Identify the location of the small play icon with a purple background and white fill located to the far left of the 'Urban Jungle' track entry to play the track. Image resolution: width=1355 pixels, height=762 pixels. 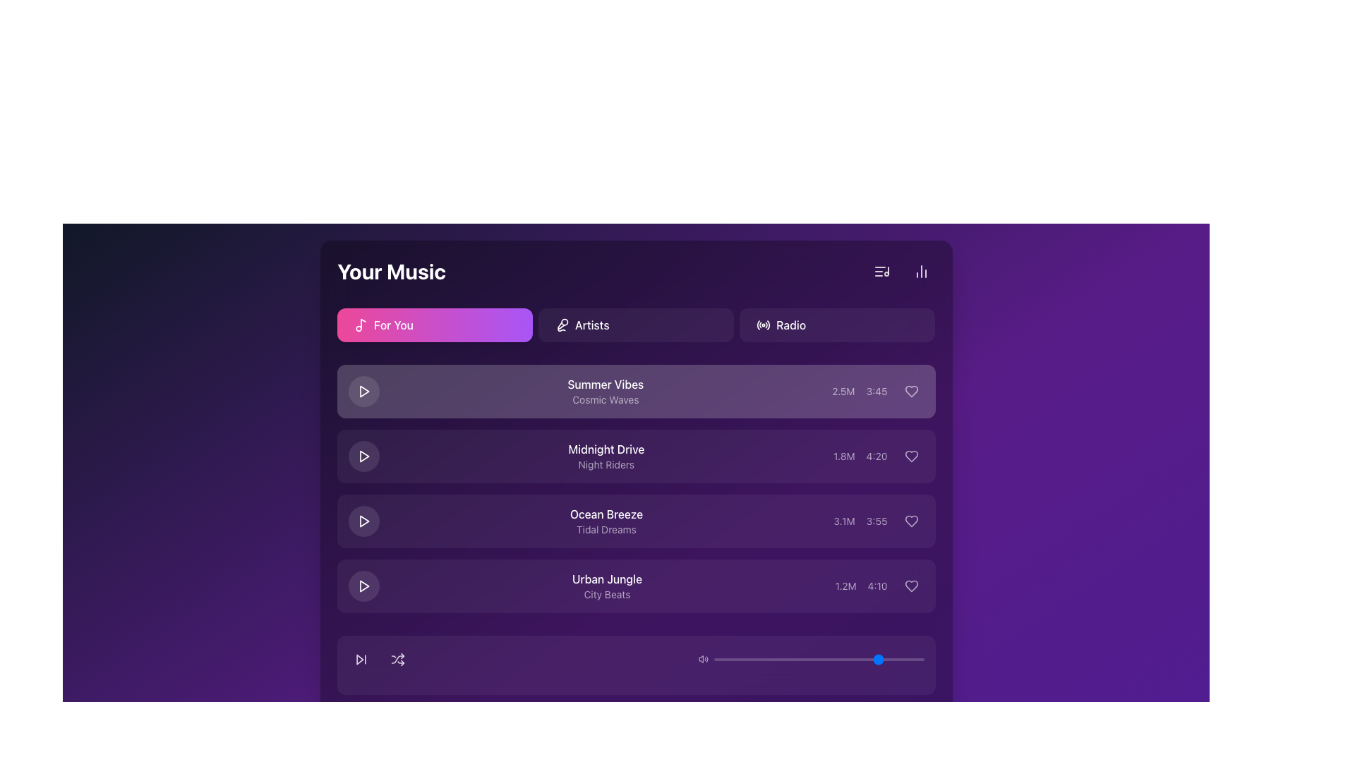
(363, 586).